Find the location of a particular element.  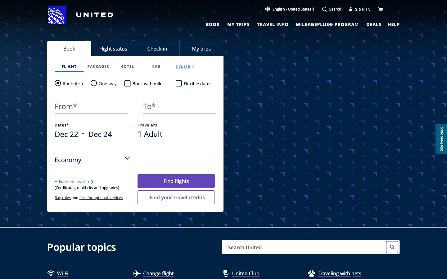

Redirect to Sign In page is located at coordinates (360, 9).